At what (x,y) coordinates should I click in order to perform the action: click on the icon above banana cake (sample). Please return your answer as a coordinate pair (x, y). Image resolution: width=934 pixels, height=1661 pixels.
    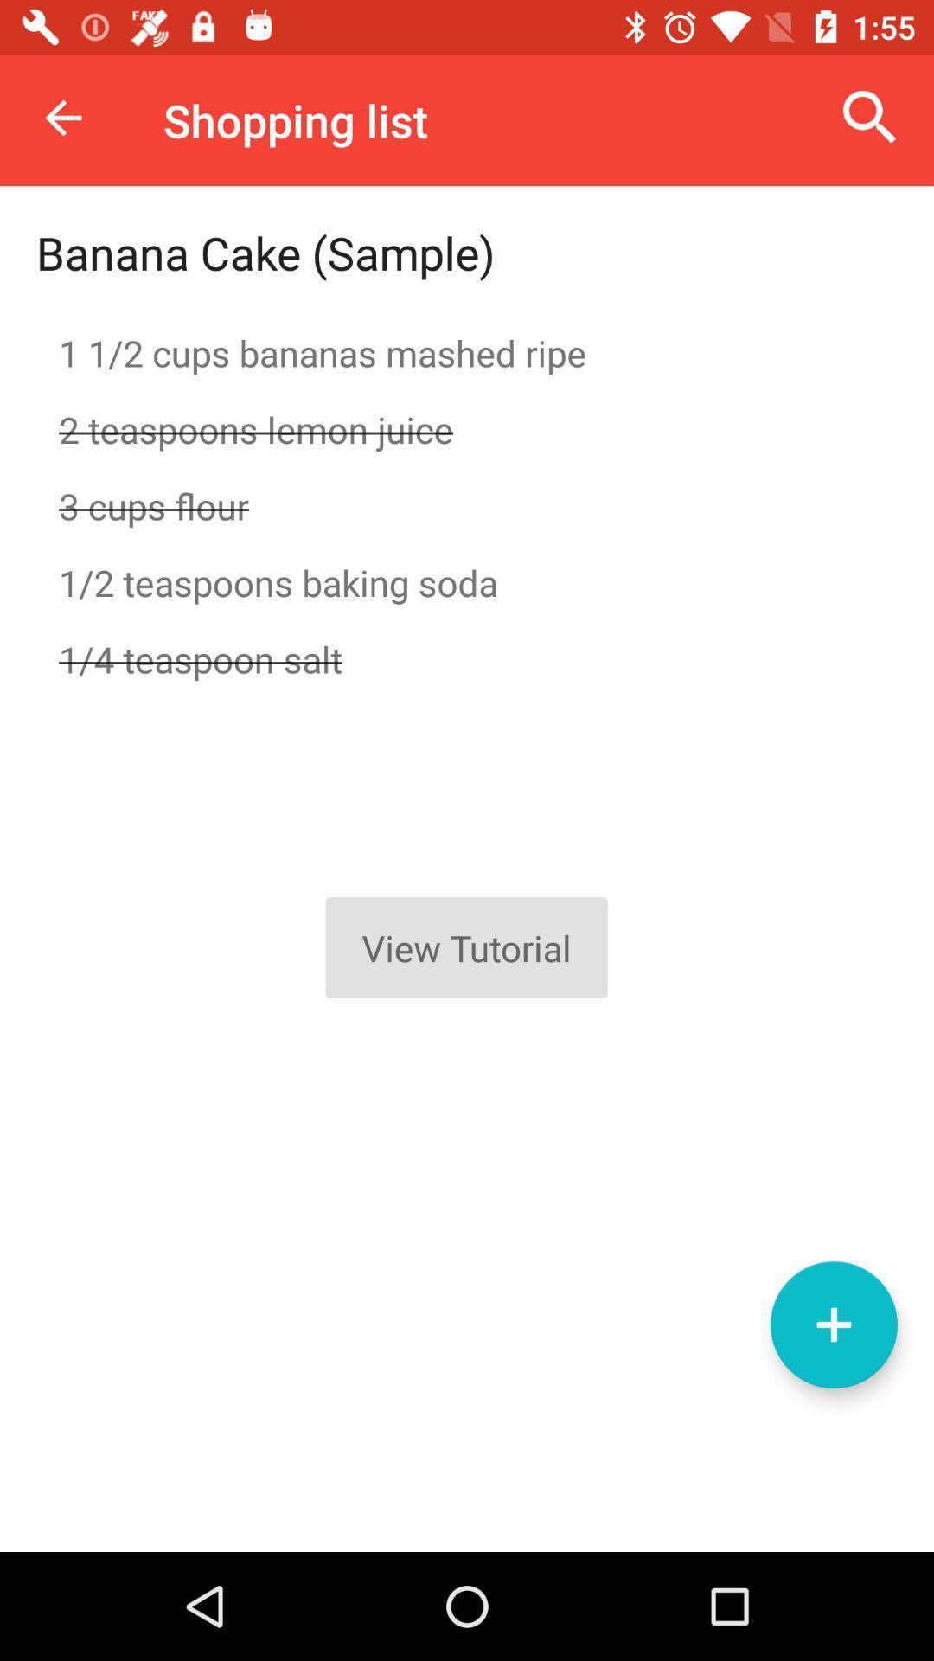
    Looking at the image, I should click on (62, 117).